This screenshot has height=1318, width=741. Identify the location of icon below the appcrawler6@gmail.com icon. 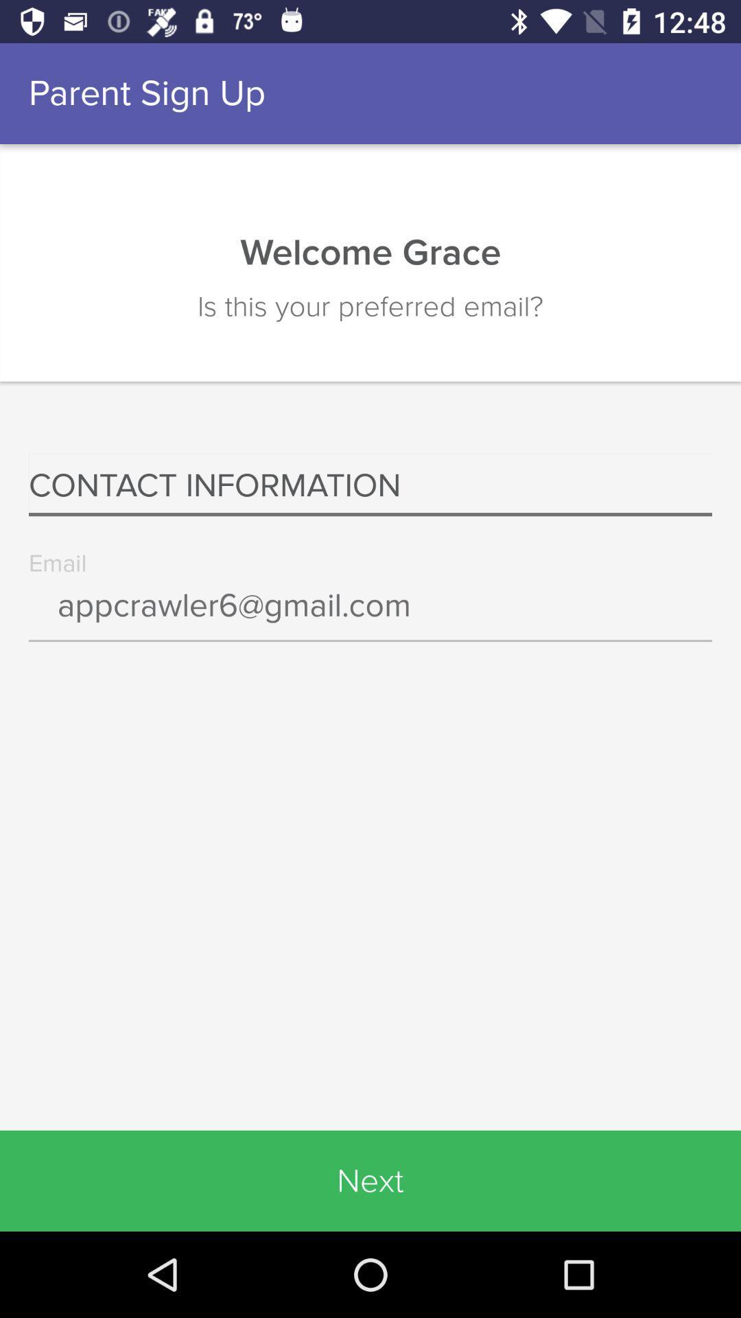
(370, 1180).